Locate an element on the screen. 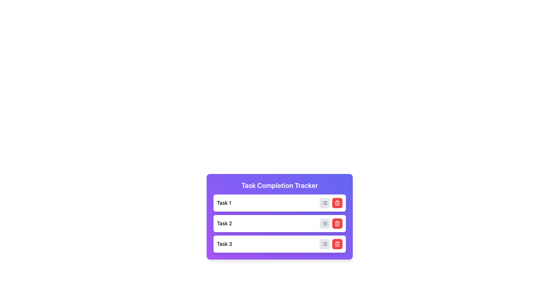 Image resolution: width=548 pixels, height=308 pixels. the delete icon within the red button at the right end of the third task row is located at coordinates (337, 244).